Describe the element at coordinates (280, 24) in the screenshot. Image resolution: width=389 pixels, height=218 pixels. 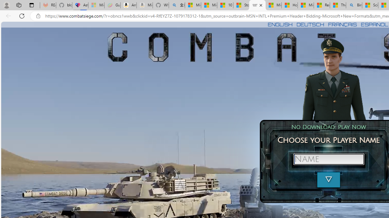
I see `'ENGLISH'` at that location.